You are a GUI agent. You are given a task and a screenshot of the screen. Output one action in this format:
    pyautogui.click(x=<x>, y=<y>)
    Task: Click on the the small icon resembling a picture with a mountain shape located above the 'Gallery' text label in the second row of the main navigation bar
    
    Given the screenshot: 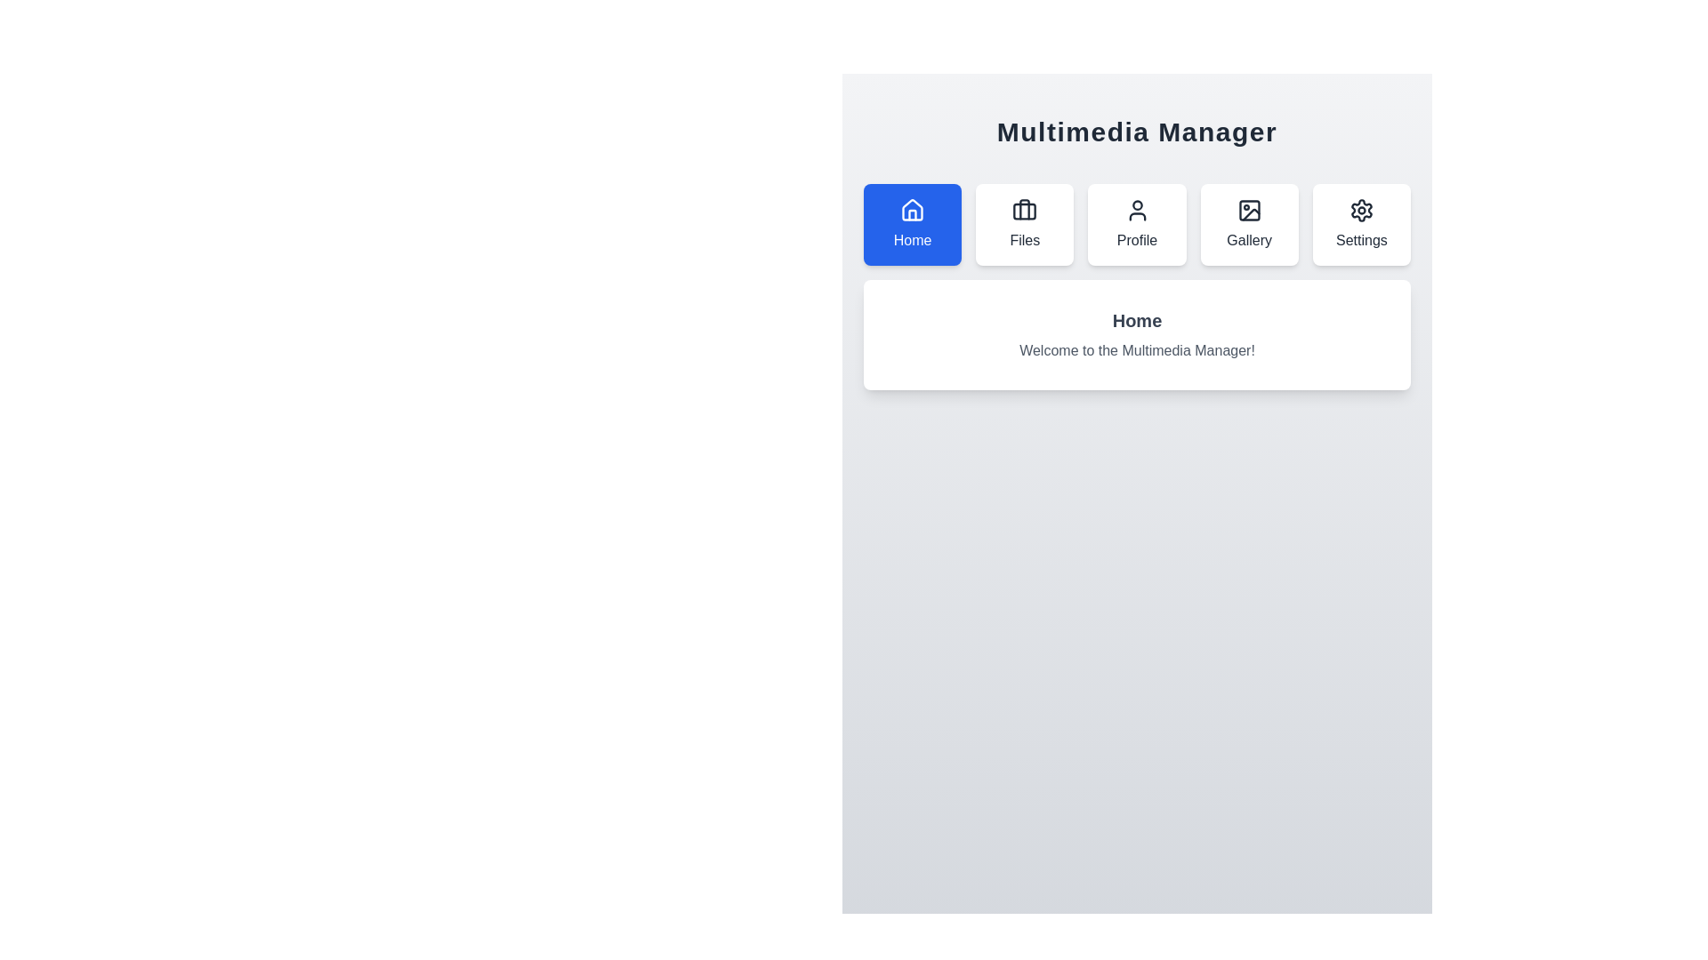 What is the action you would take?
    pyautogui.click(x=1248, y=209)
    